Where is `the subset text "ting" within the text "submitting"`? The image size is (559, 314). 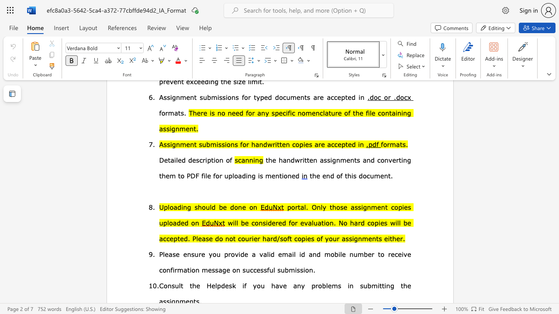
the subset text "ting" within the text "submitting" is located at coordinates (382, 285).